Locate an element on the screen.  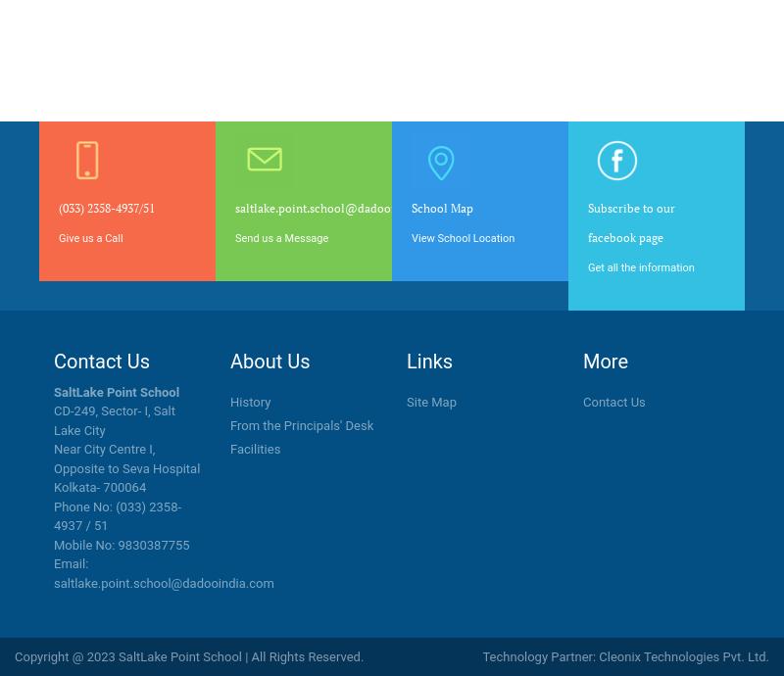
'Send us a Message' is located at coordinates (234, 237).